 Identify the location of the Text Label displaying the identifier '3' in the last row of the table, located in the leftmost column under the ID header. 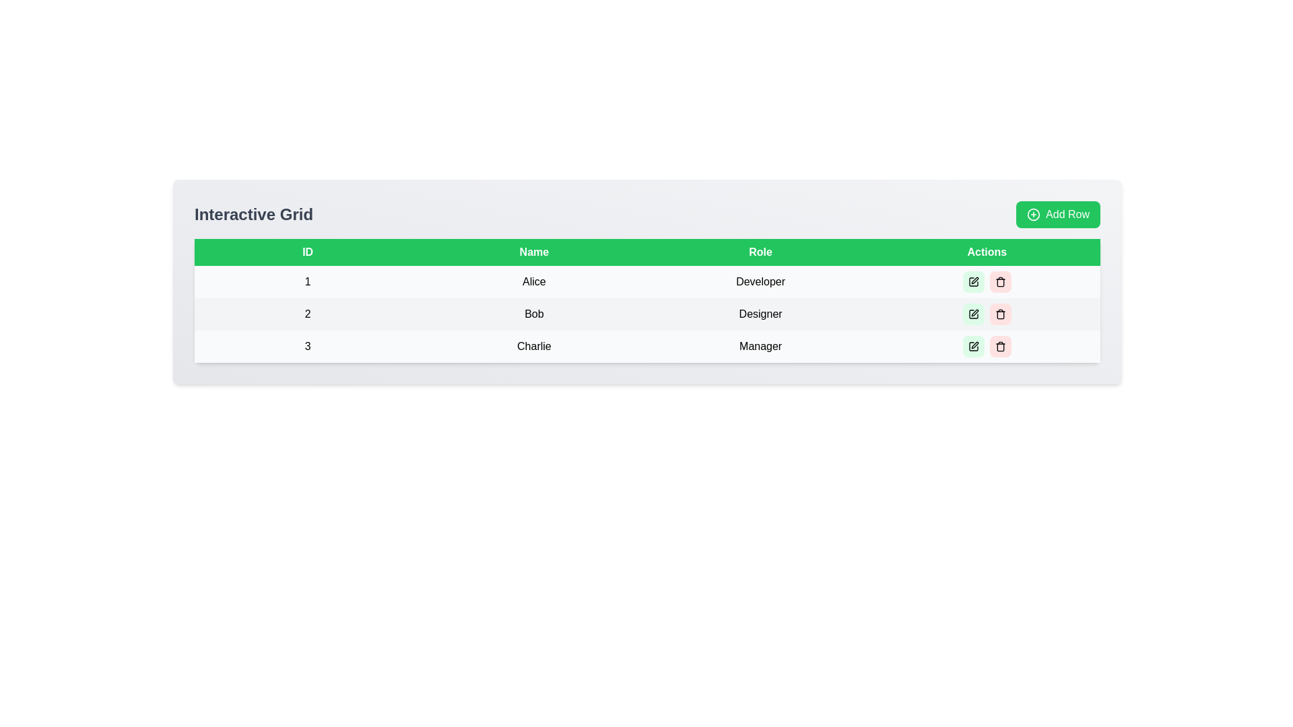
(307, 346).